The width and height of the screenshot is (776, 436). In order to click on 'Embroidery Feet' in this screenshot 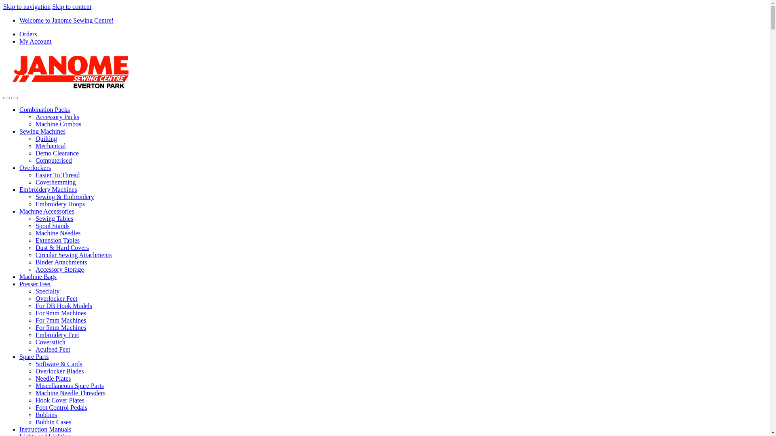, I will do `click(57, 335)`.